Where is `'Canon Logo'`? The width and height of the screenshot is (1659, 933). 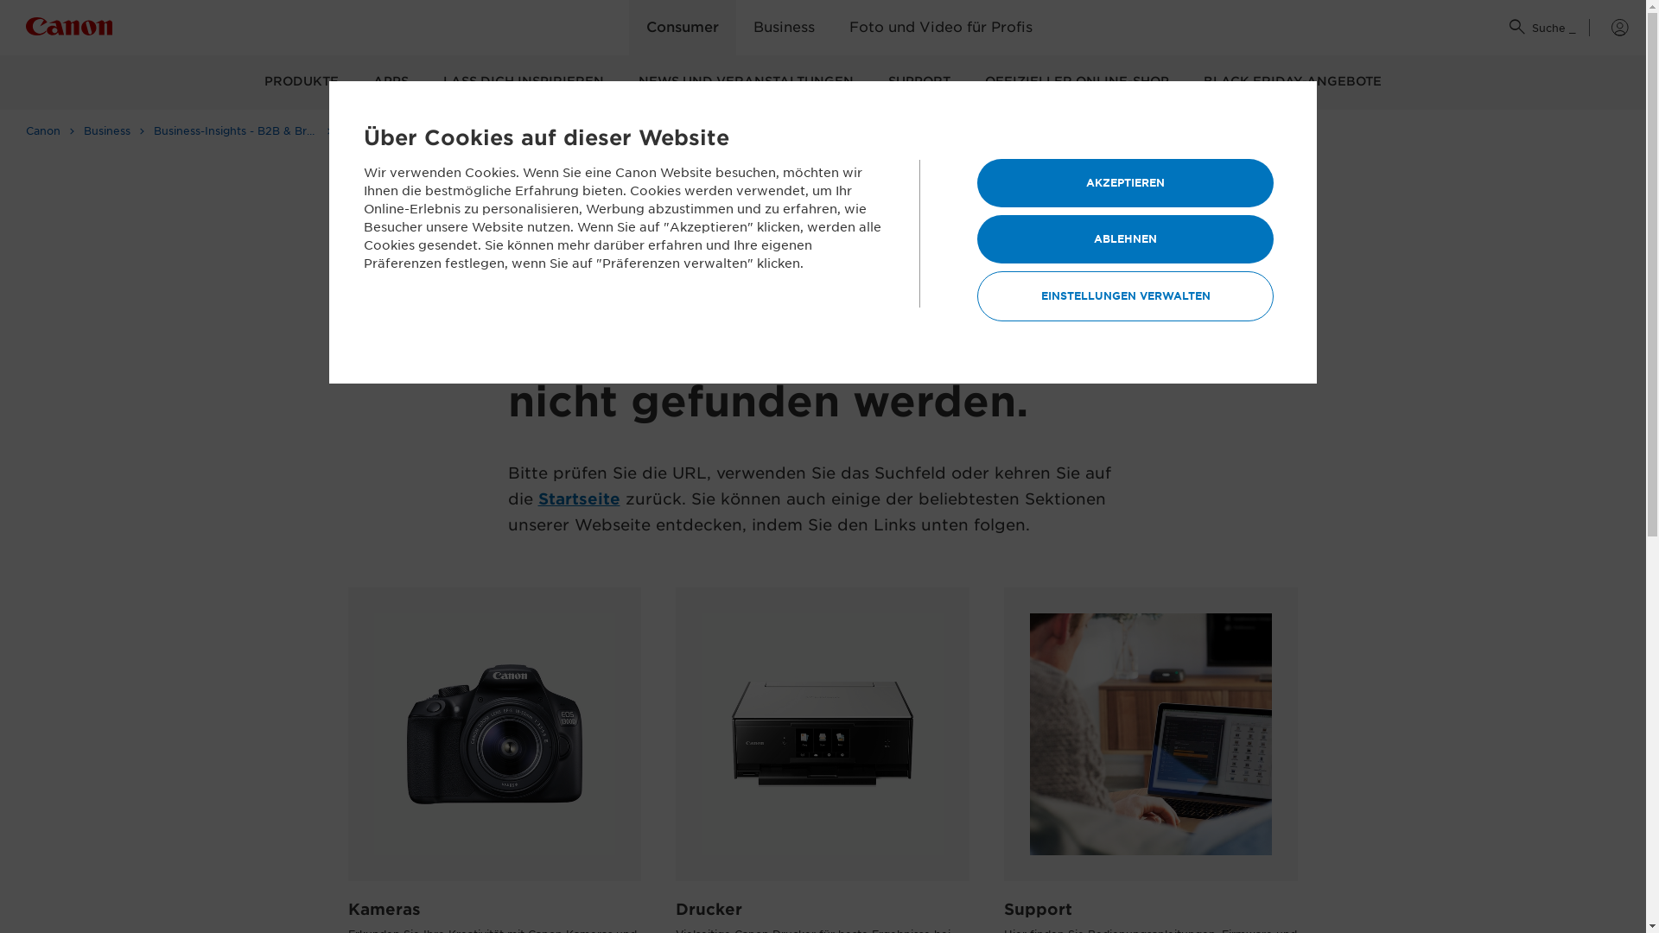 'Canon Logo' is located at coordinates (69, 29).